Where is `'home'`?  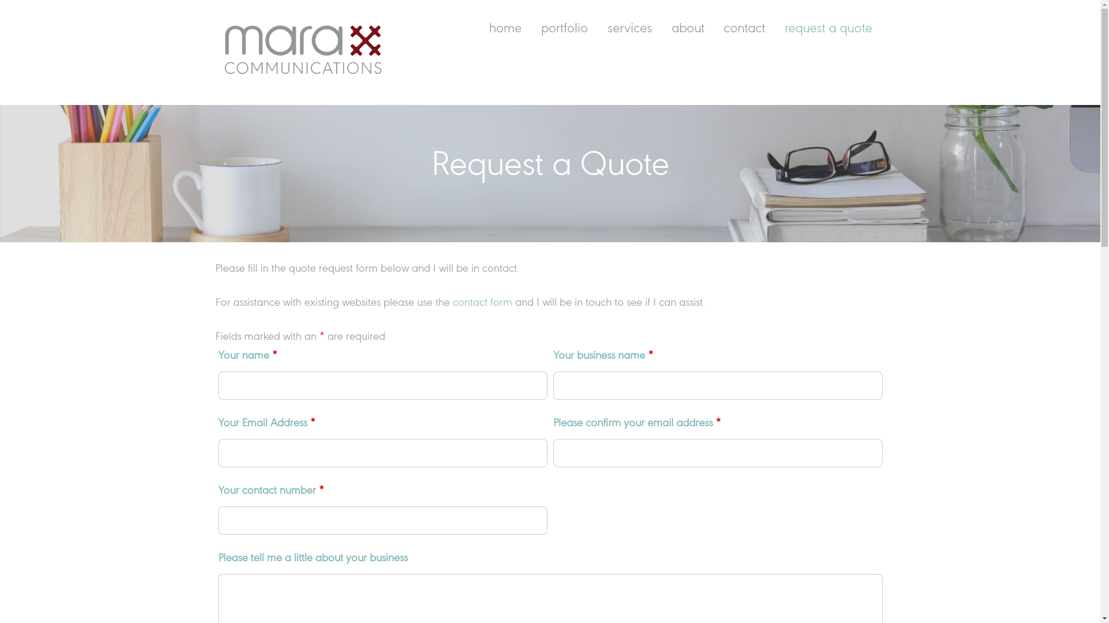
'home' is located at coordinates (505, 28).